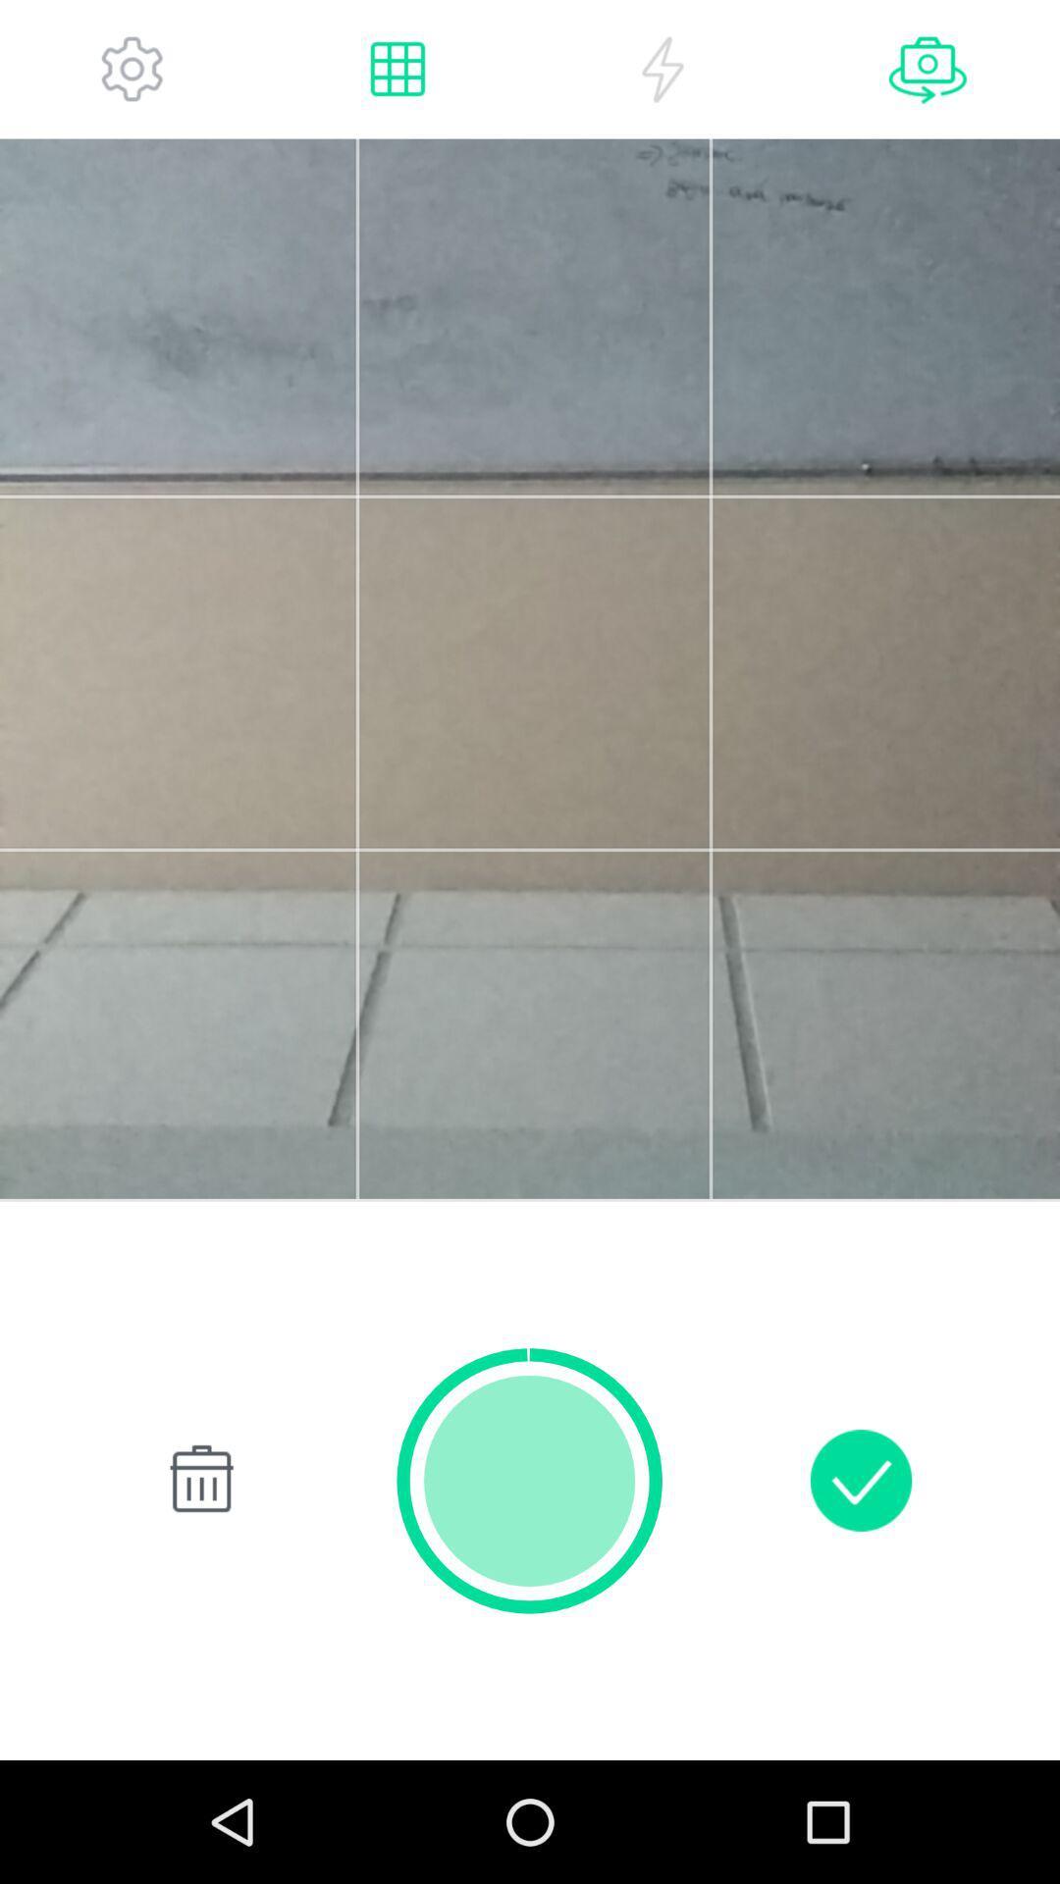  Describe the element at coordinates (662, 69) in the screenshot. I see `on/off flash` at that location.